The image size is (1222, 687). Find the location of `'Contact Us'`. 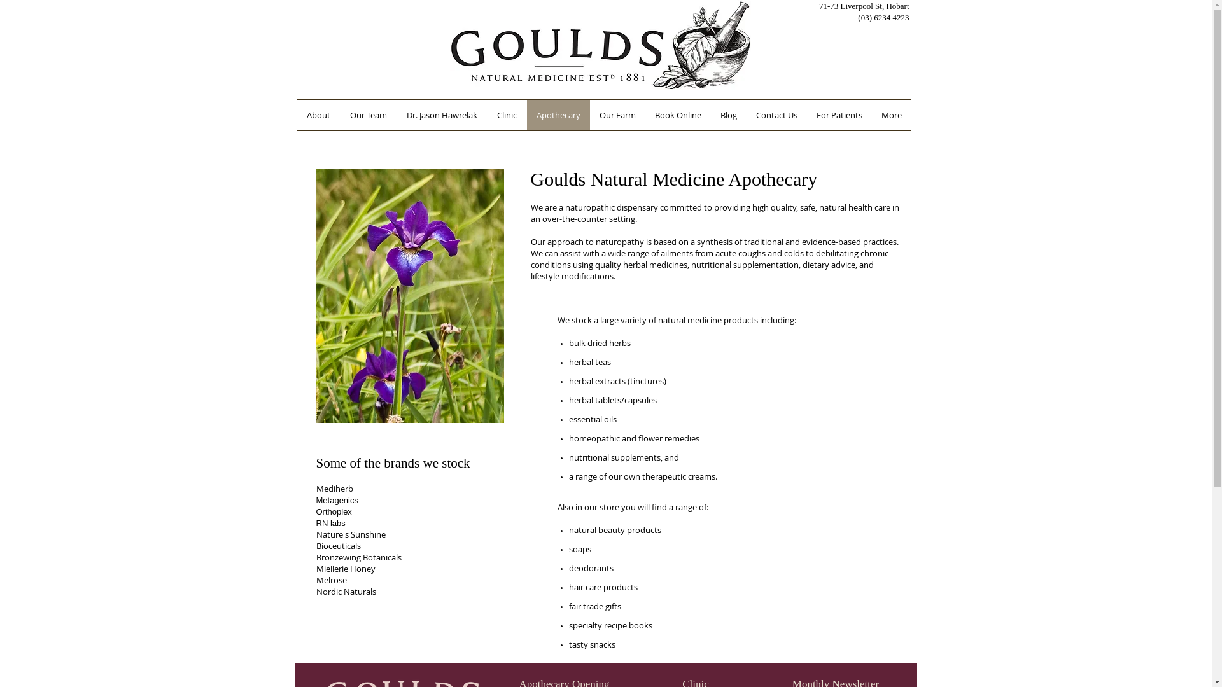

'Contact Us' is located at coordinates (775, 115).